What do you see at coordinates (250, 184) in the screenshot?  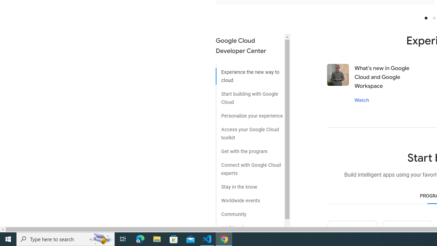 I see `'Stay in the know'` at bounding box center [250, 184].